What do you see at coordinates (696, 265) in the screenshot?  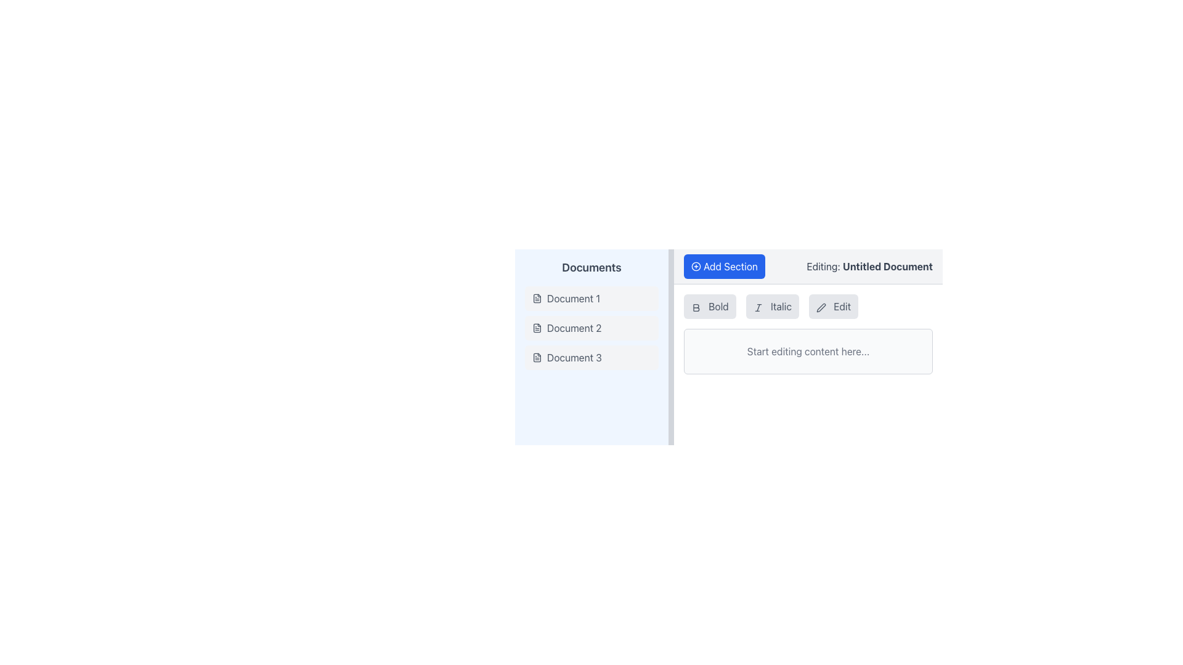 I see `the circular SVG icon that indicates the purpose of the 'Add Section' button, which is positioned to the left of the button label` at bounding box center [696, 265].